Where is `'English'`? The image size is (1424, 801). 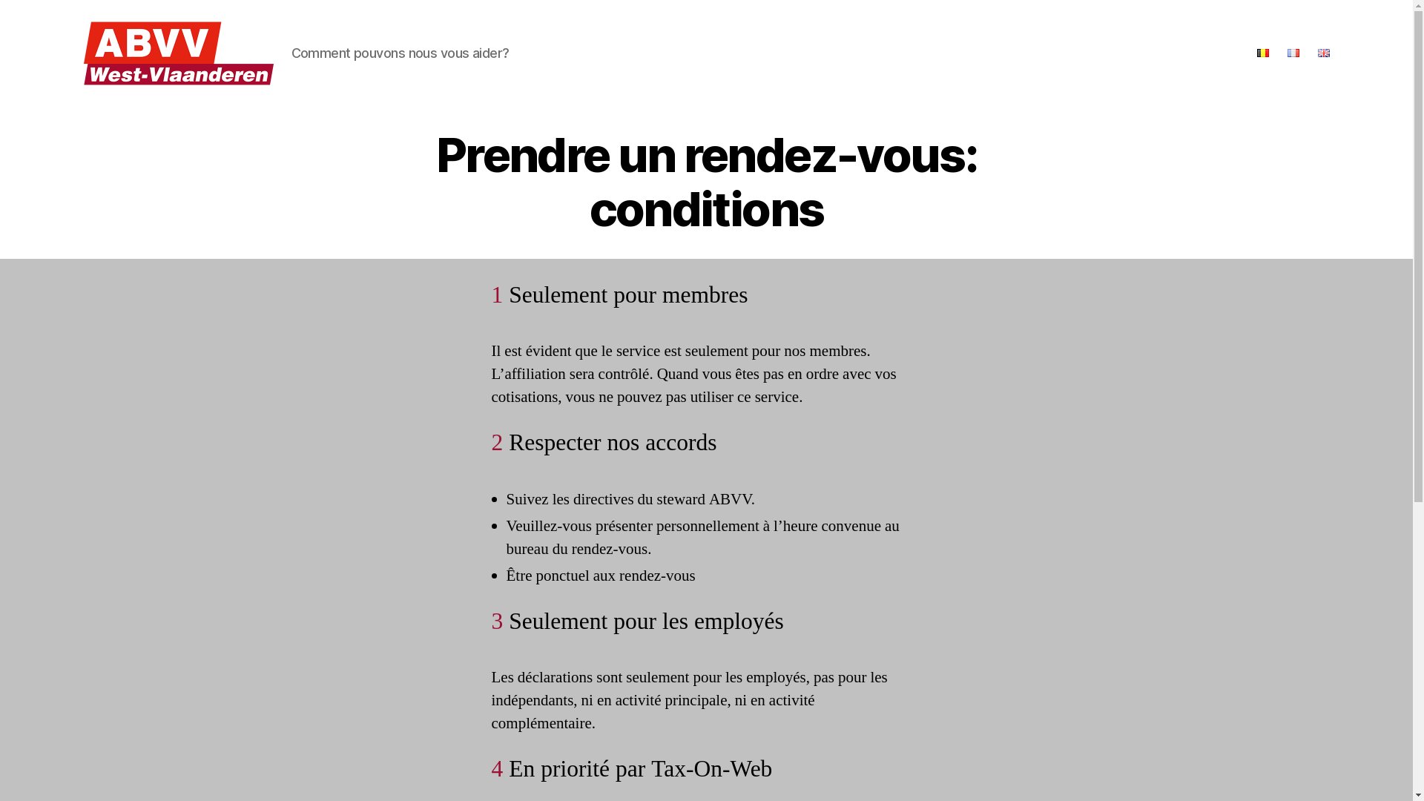
'English' is located at coordinates (1323, 52).